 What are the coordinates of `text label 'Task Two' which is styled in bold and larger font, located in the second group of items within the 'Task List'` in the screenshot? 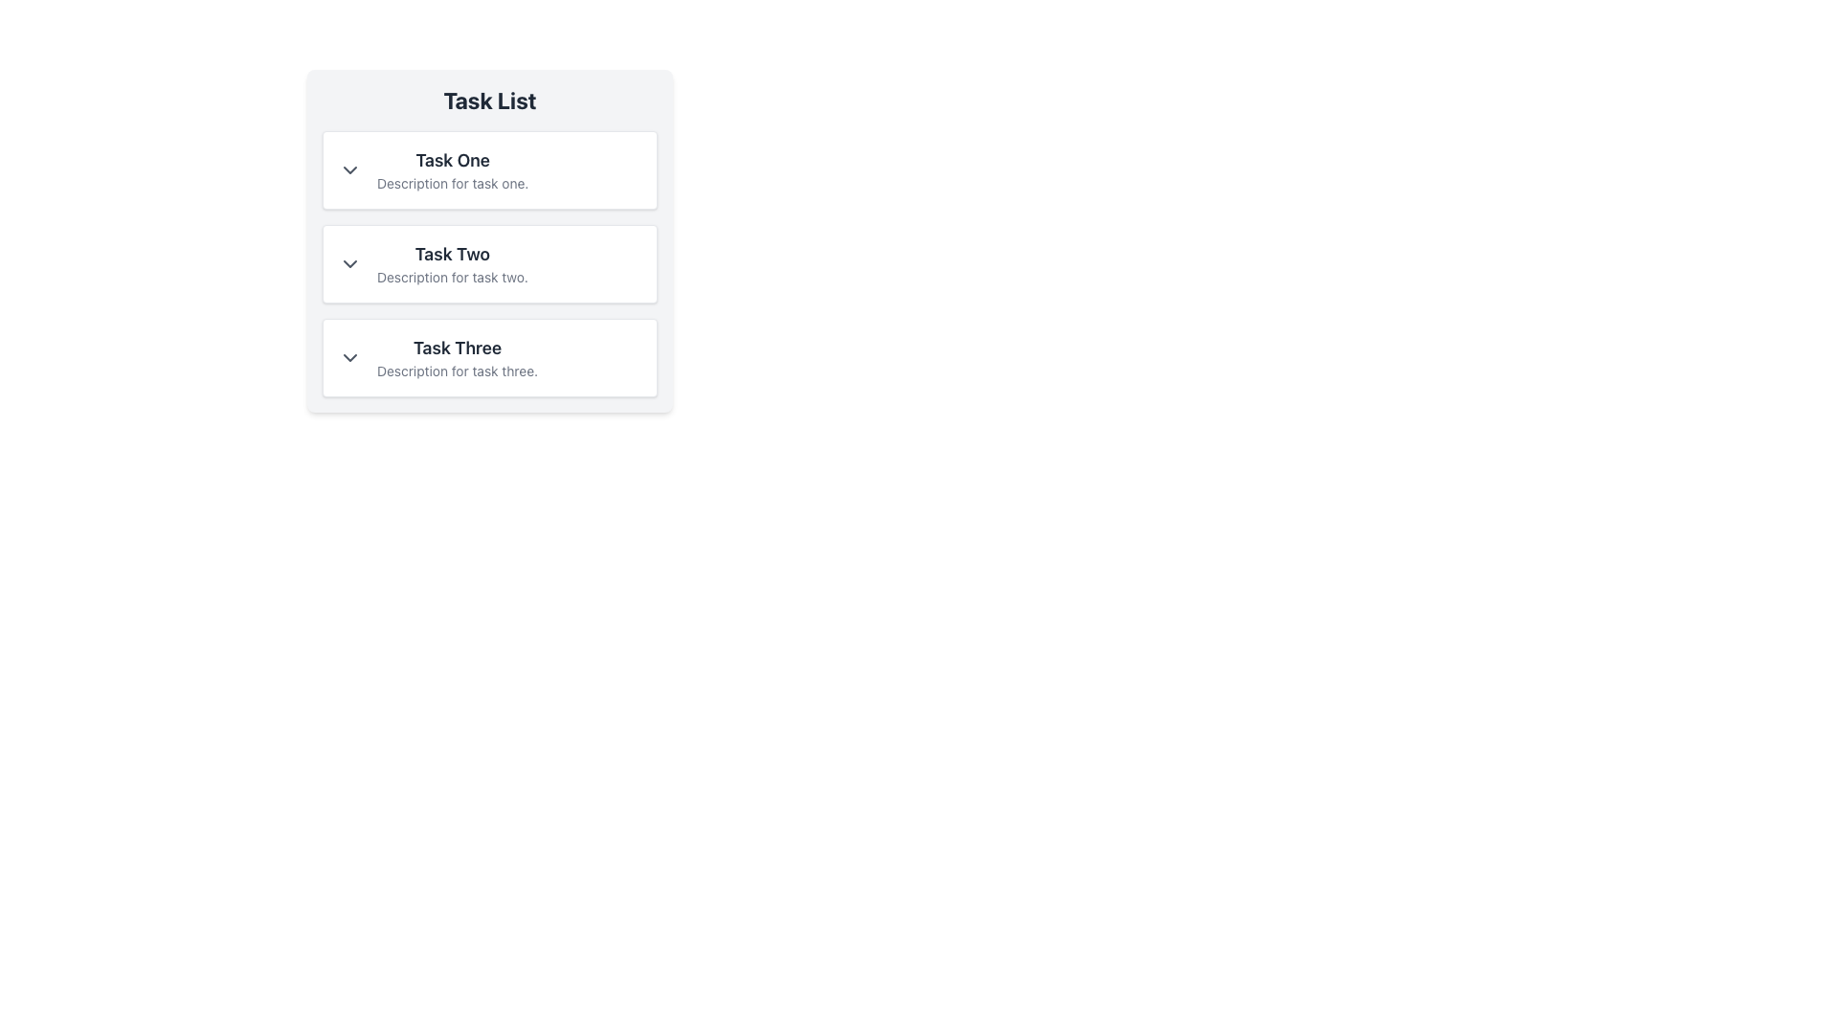 It's located at (451, 254).